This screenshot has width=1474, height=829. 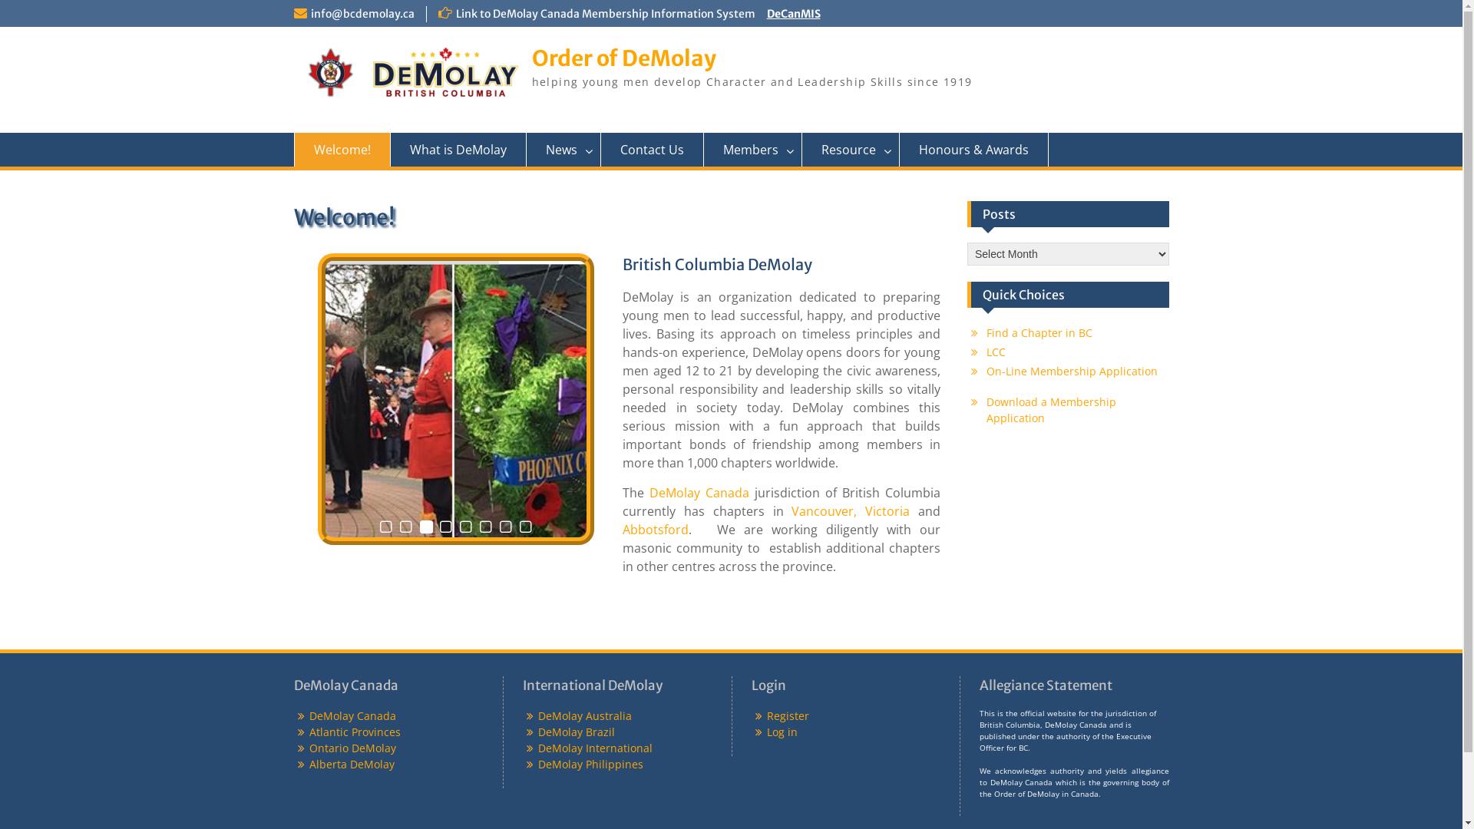 What do you see at coordinates (766, 14) in the screenshot?
I see `'DeCanMIS'` at bounding box center [766, 14].